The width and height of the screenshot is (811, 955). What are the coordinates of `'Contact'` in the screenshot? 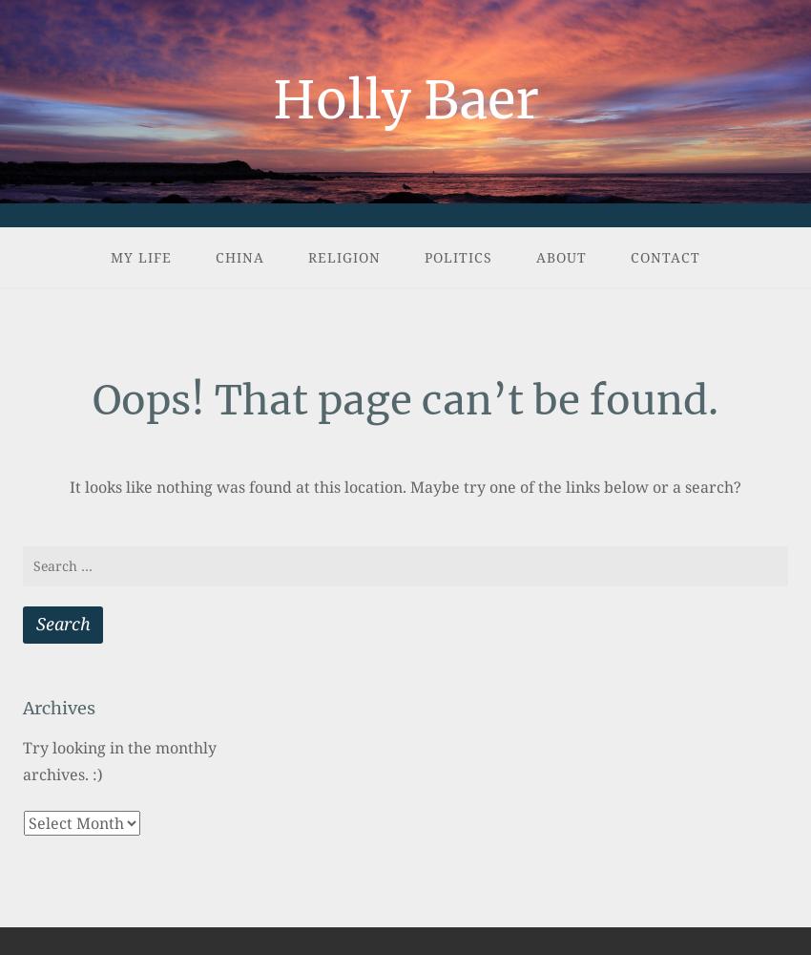 It's located at (664, 257).